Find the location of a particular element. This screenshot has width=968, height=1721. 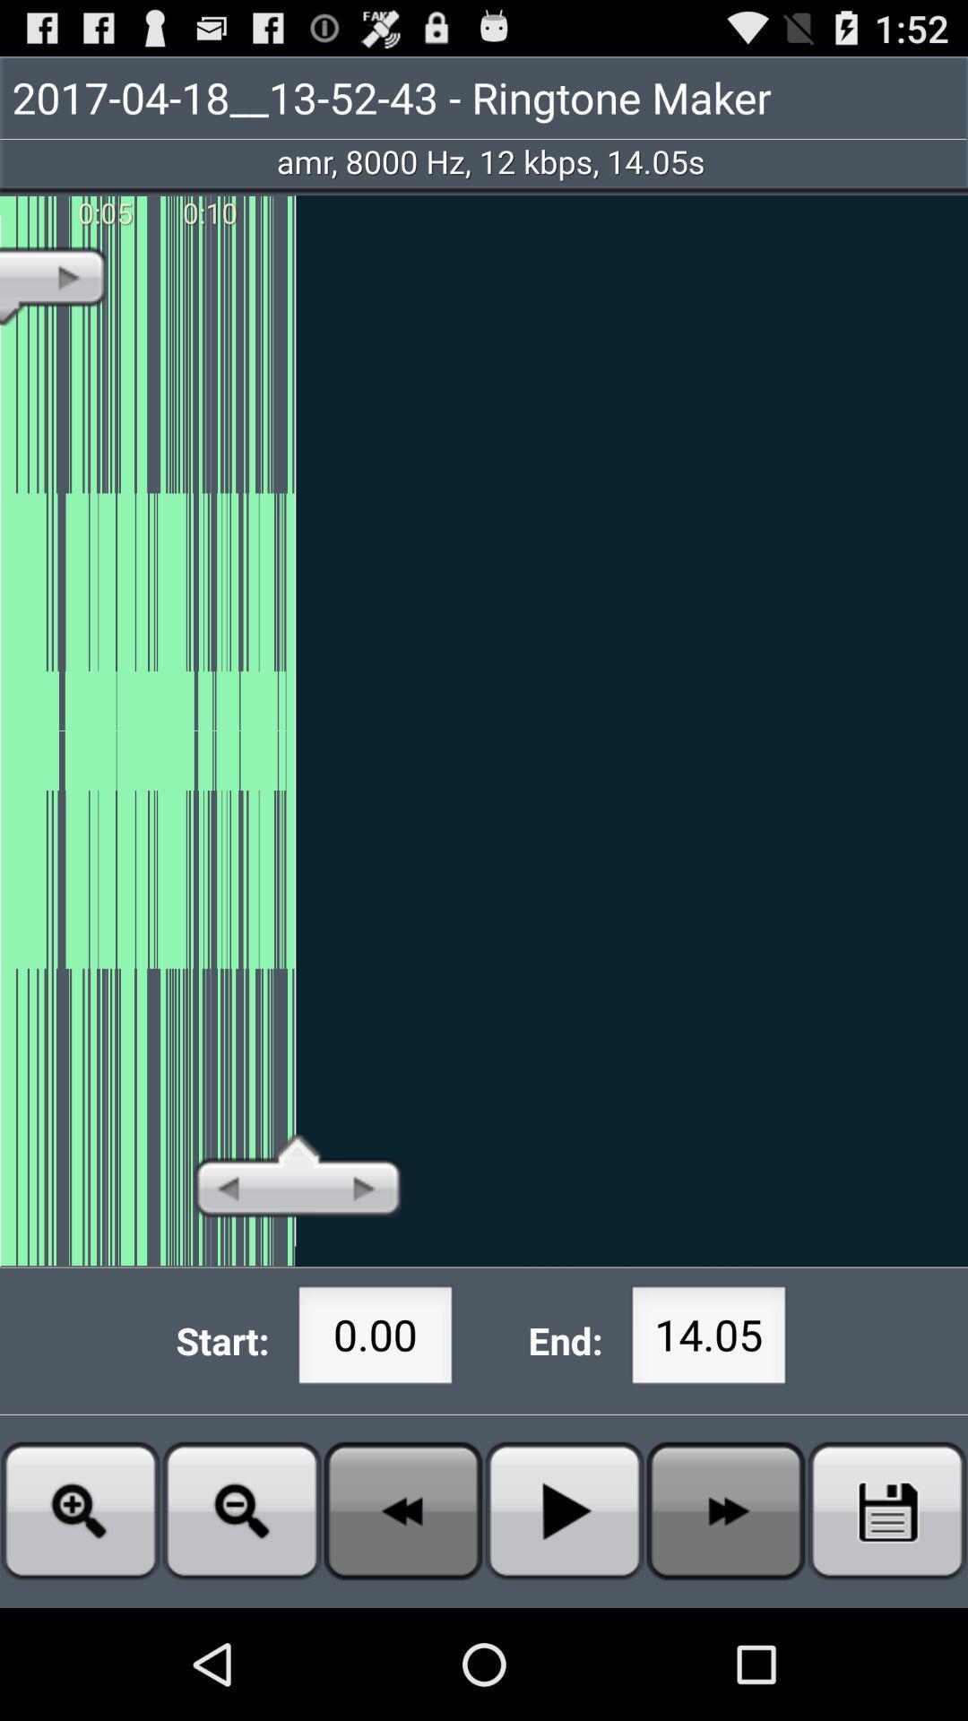

zoom out is located at coordinates (242, 1509).